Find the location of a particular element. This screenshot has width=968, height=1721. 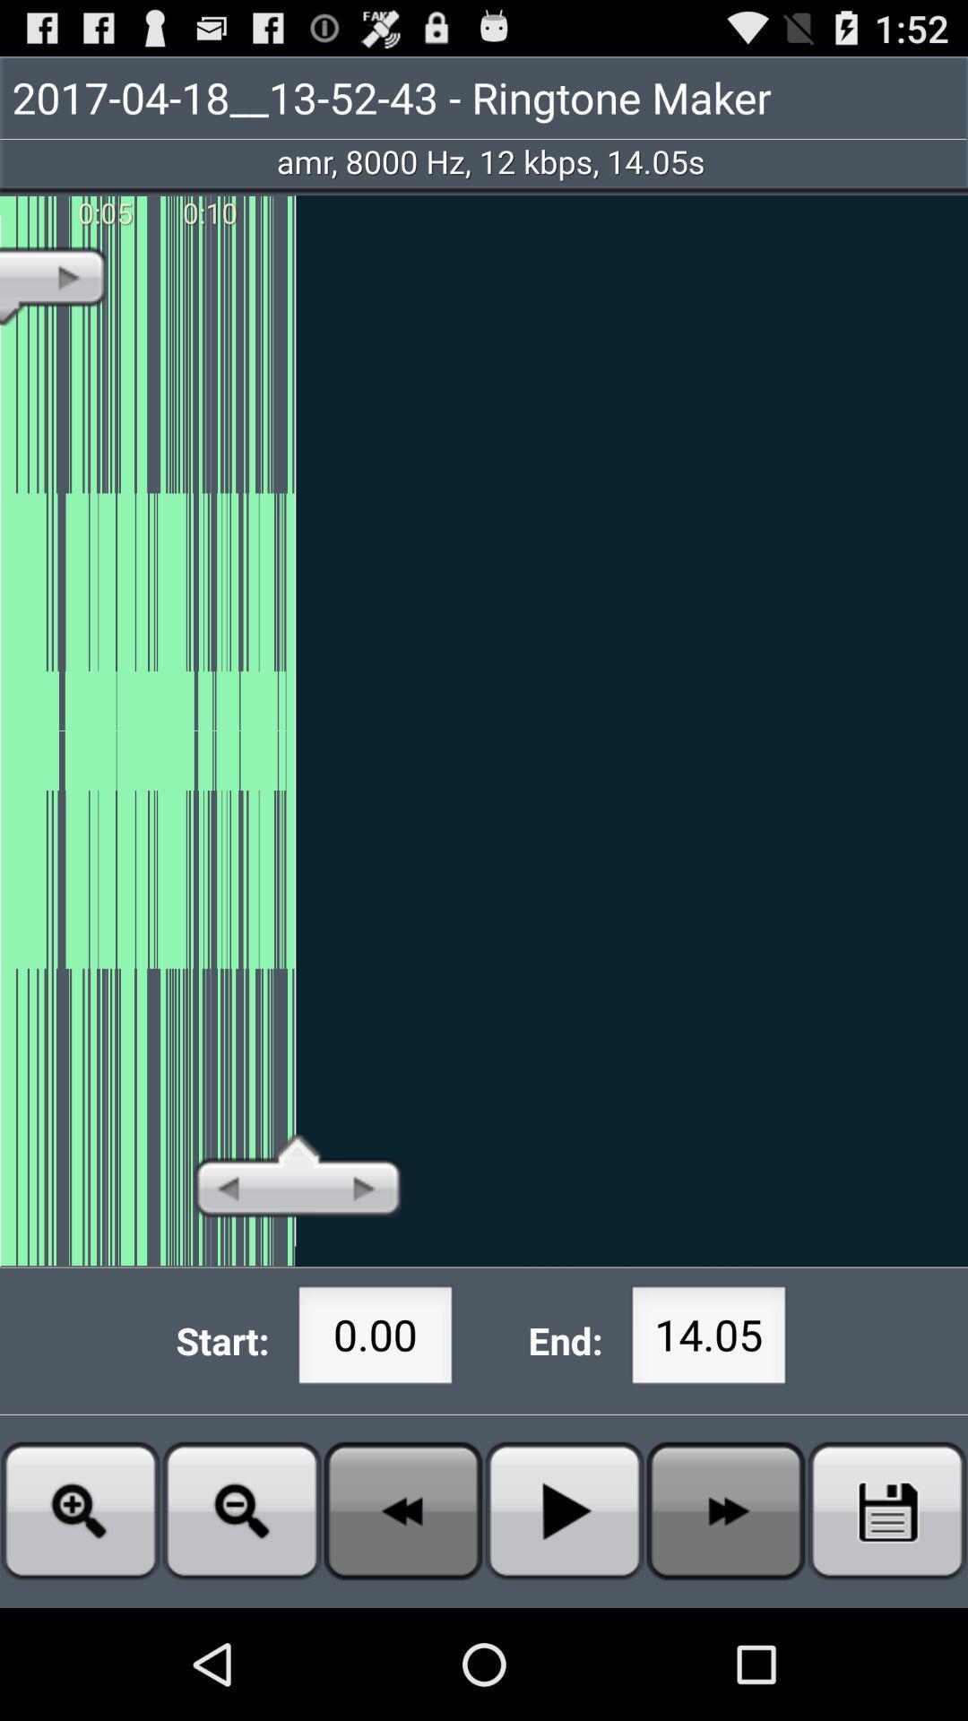

zoom out is located at coordinates (242, 1509).